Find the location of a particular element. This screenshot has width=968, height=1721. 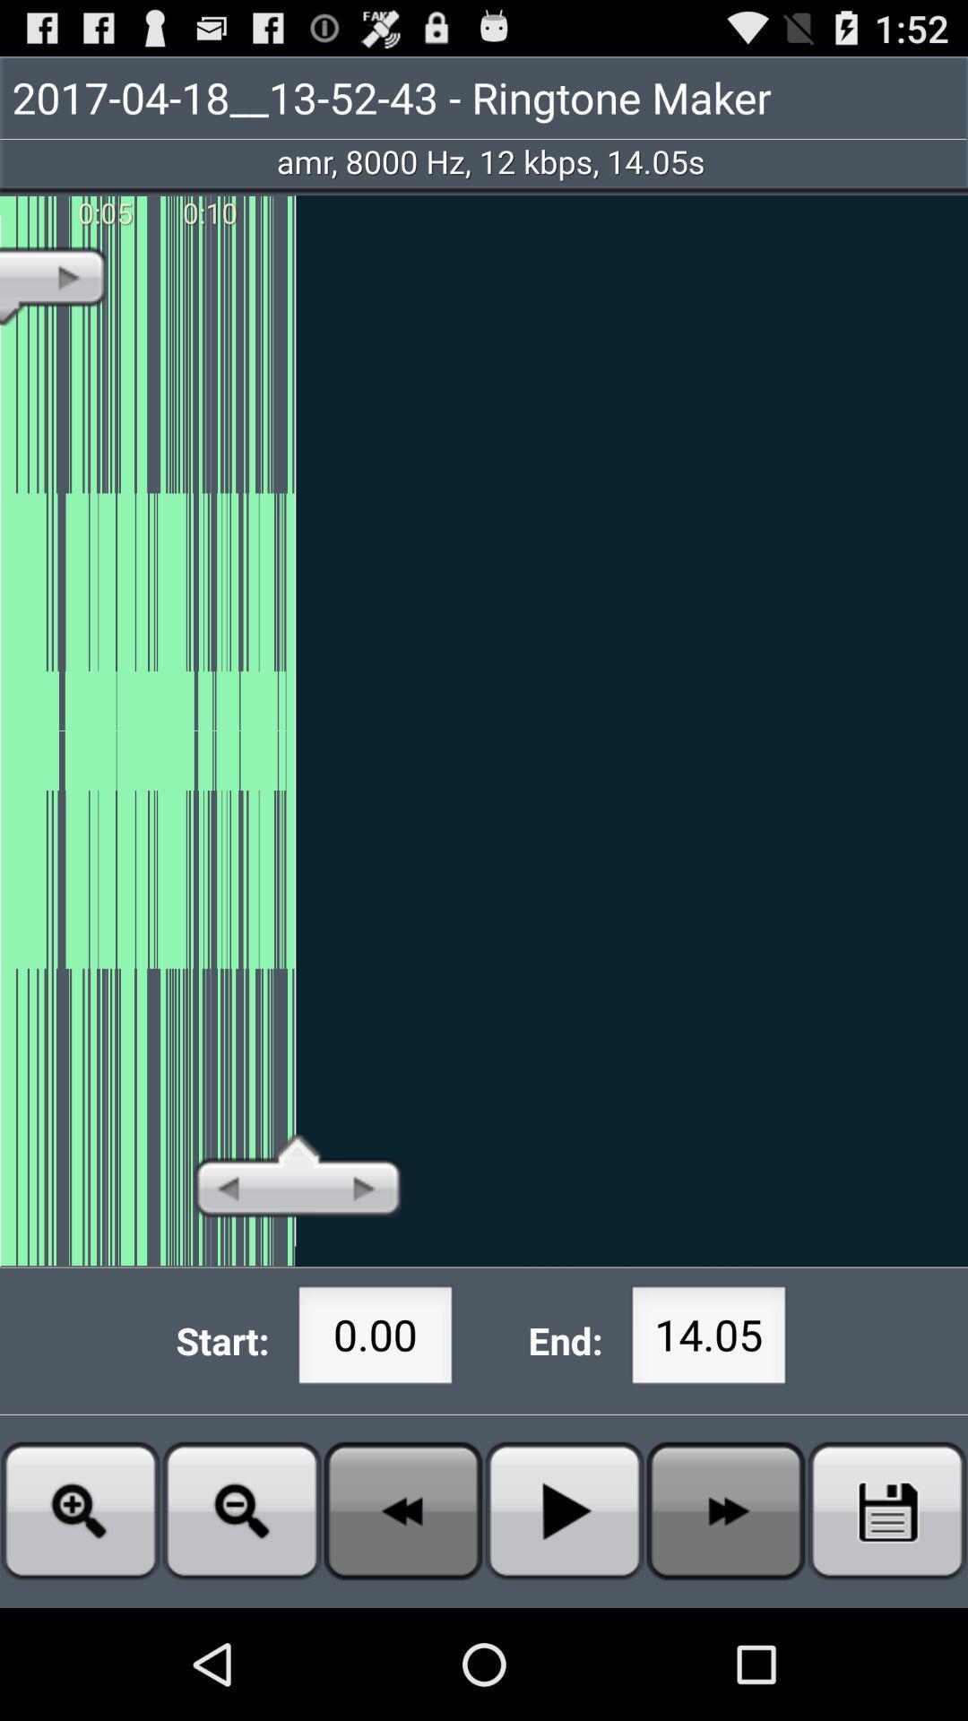

zoom out is located at coordinates (242, 1509).